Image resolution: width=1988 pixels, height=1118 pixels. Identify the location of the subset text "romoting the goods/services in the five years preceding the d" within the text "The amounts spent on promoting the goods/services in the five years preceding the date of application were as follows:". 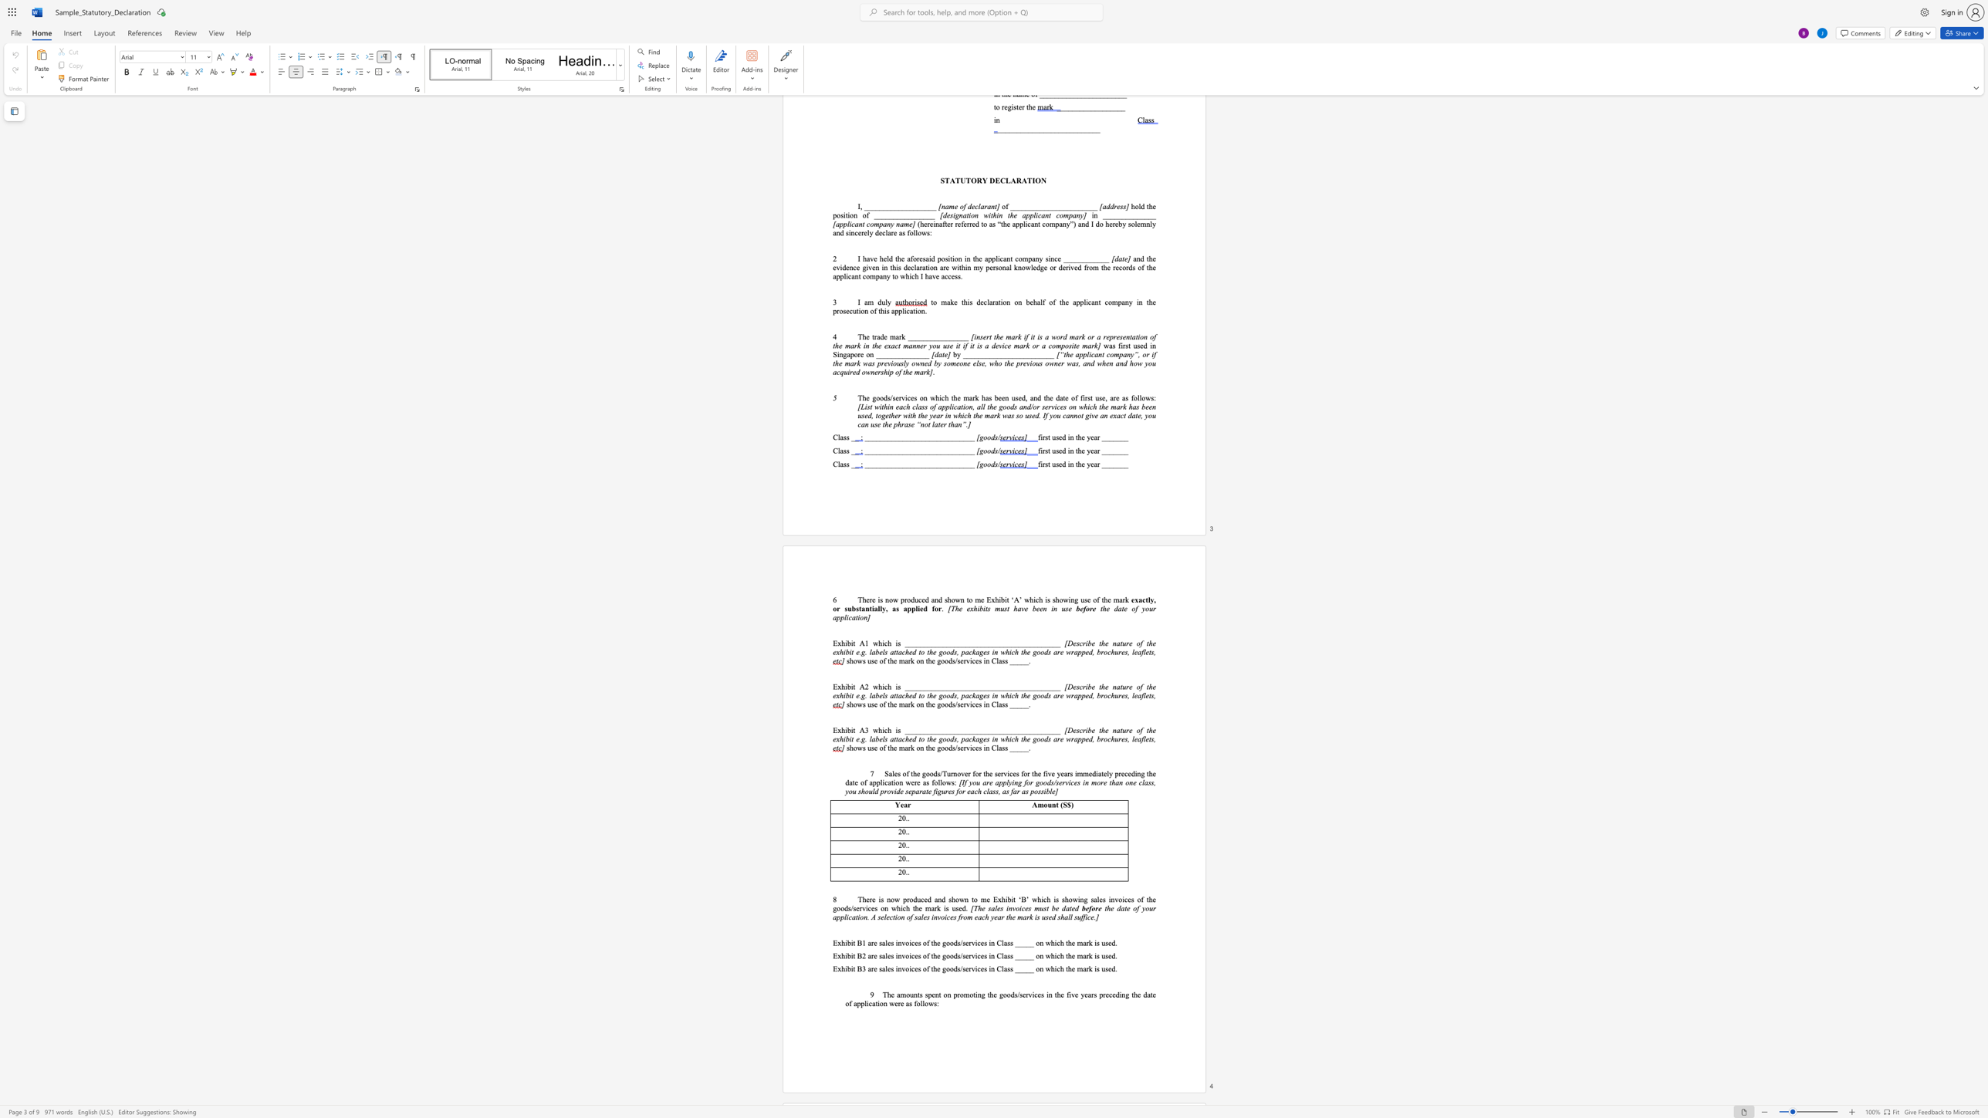
(957, 994).